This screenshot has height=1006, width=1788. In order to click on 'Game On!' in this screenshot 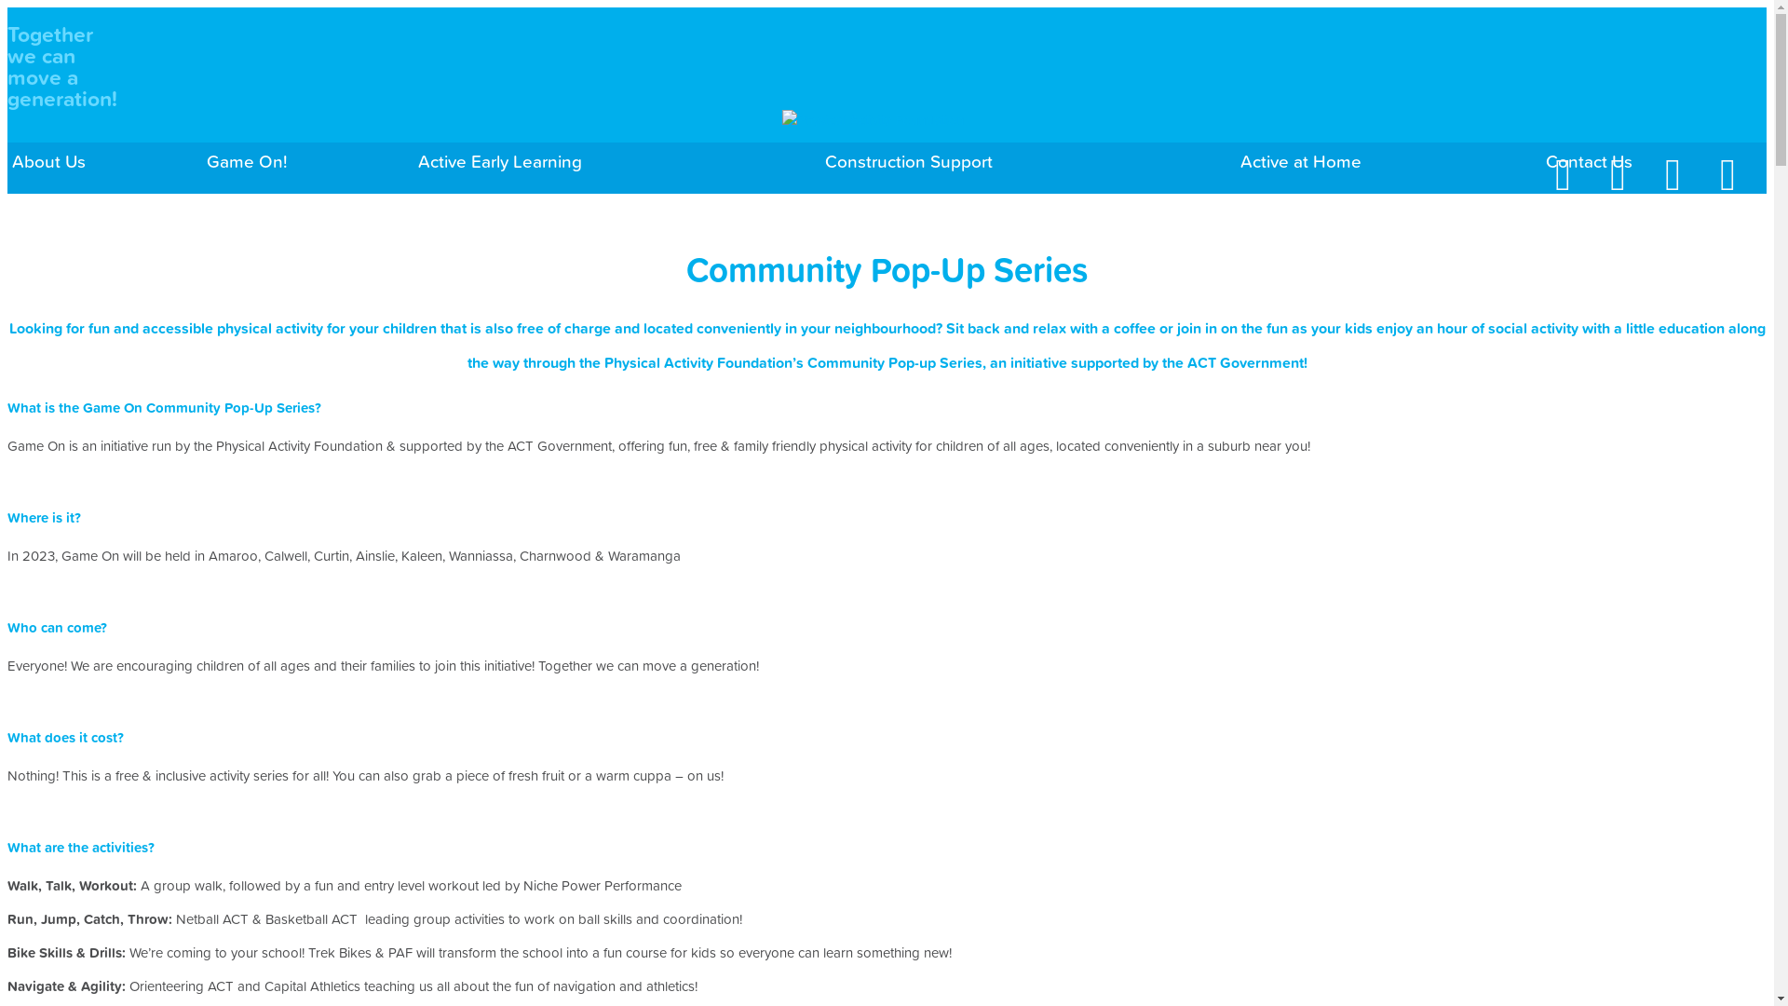, I will do `click(246, 160)`.